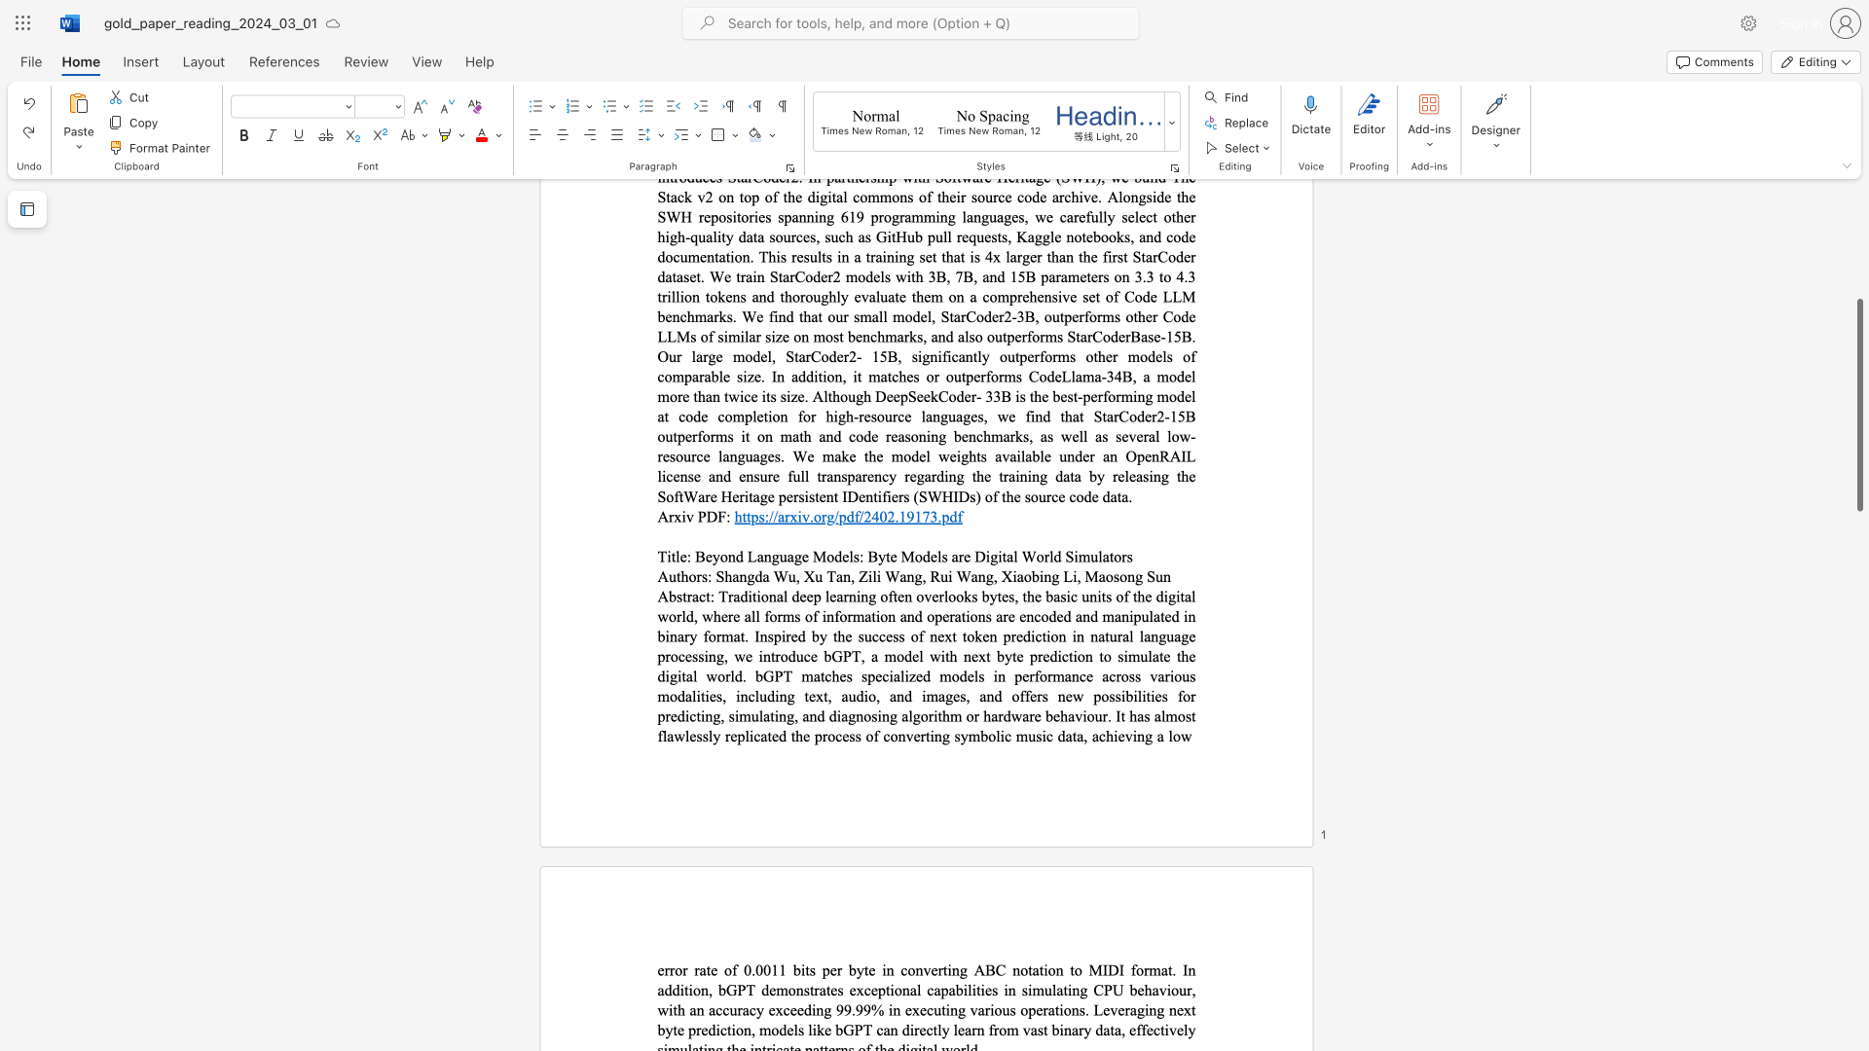 This screenshot has width=1869, height=1051. I want to click on the scrollbar on the right side to scroll the page up, so click(1858, 195).